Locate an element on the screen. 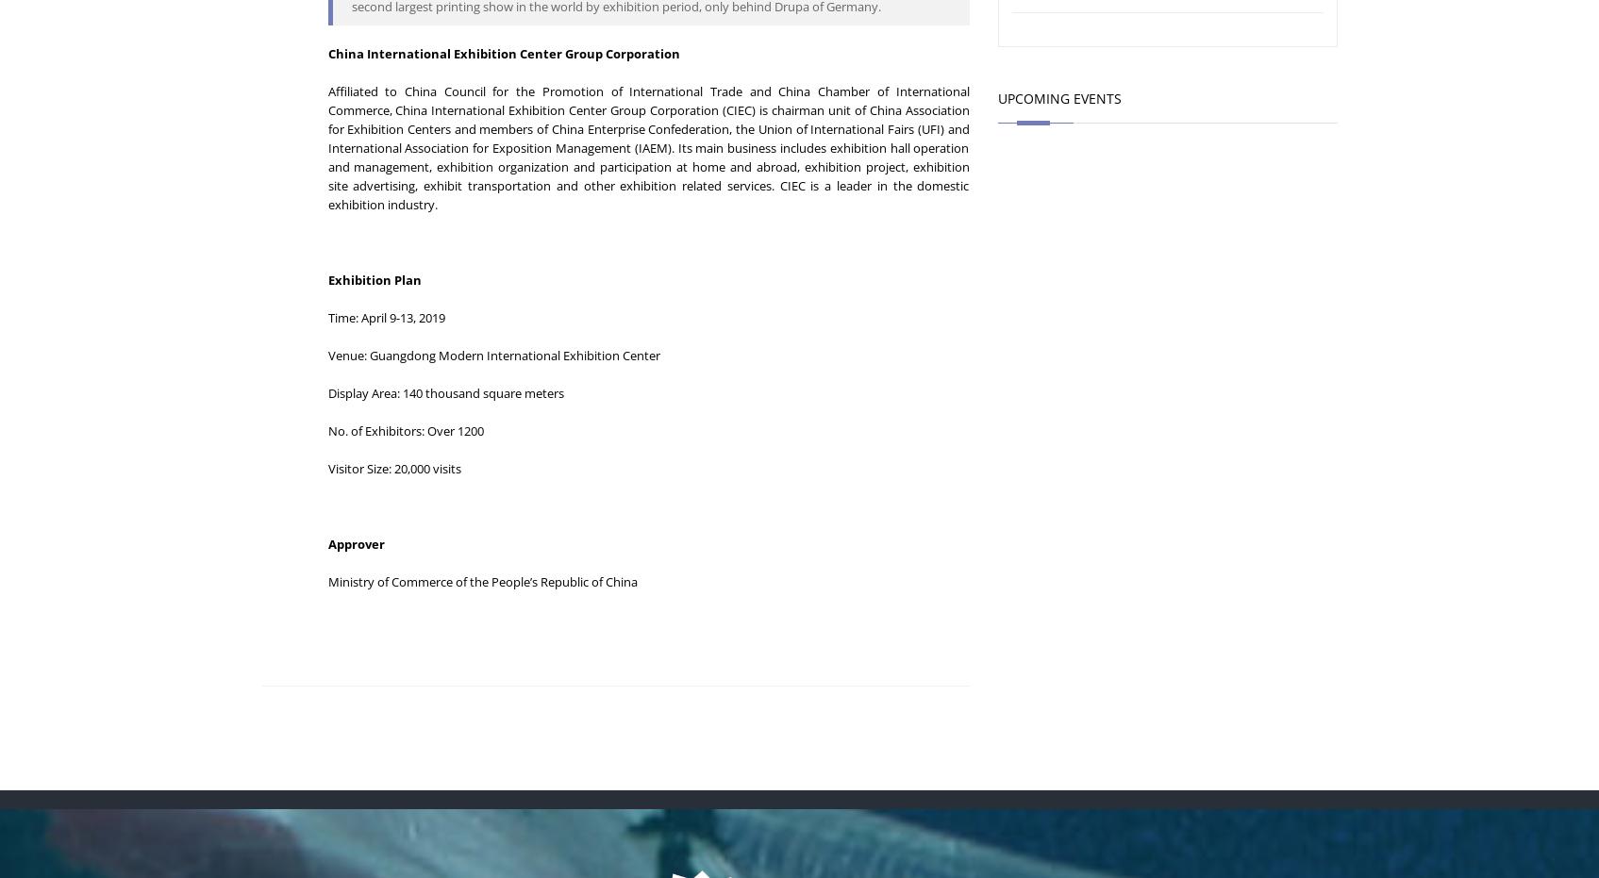 This screenshot has height=878, width=1599. 'Exhibition Plan' is located at coordinates (374, 277).